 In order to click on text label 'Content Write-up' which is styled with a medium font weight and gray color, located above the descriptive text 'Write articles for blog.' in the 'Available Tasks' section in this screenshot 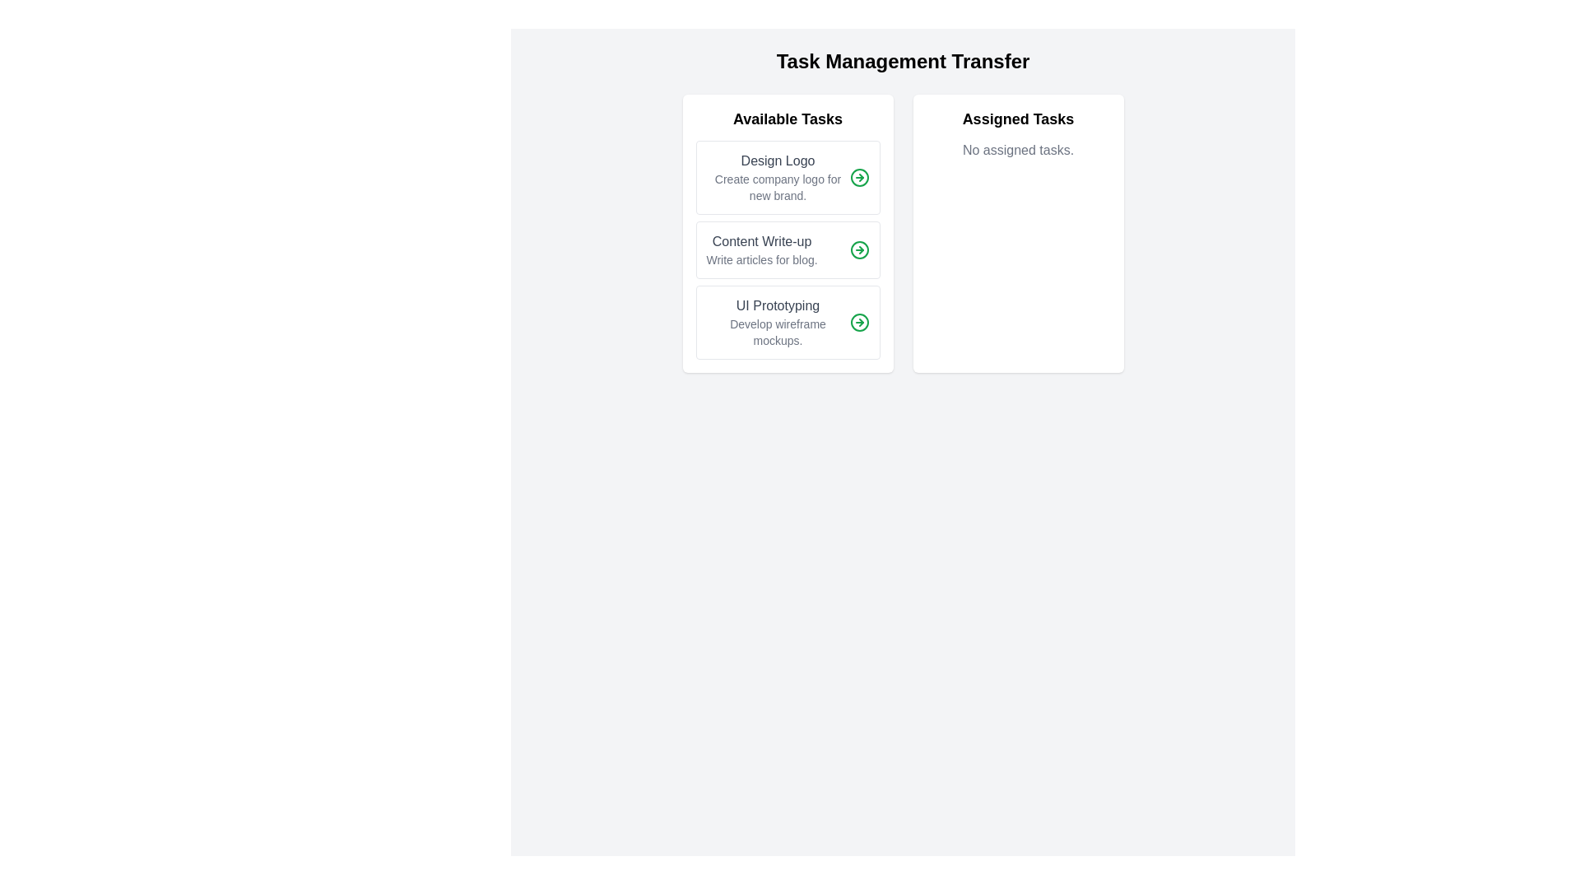, I will do `click(761, 241)`.